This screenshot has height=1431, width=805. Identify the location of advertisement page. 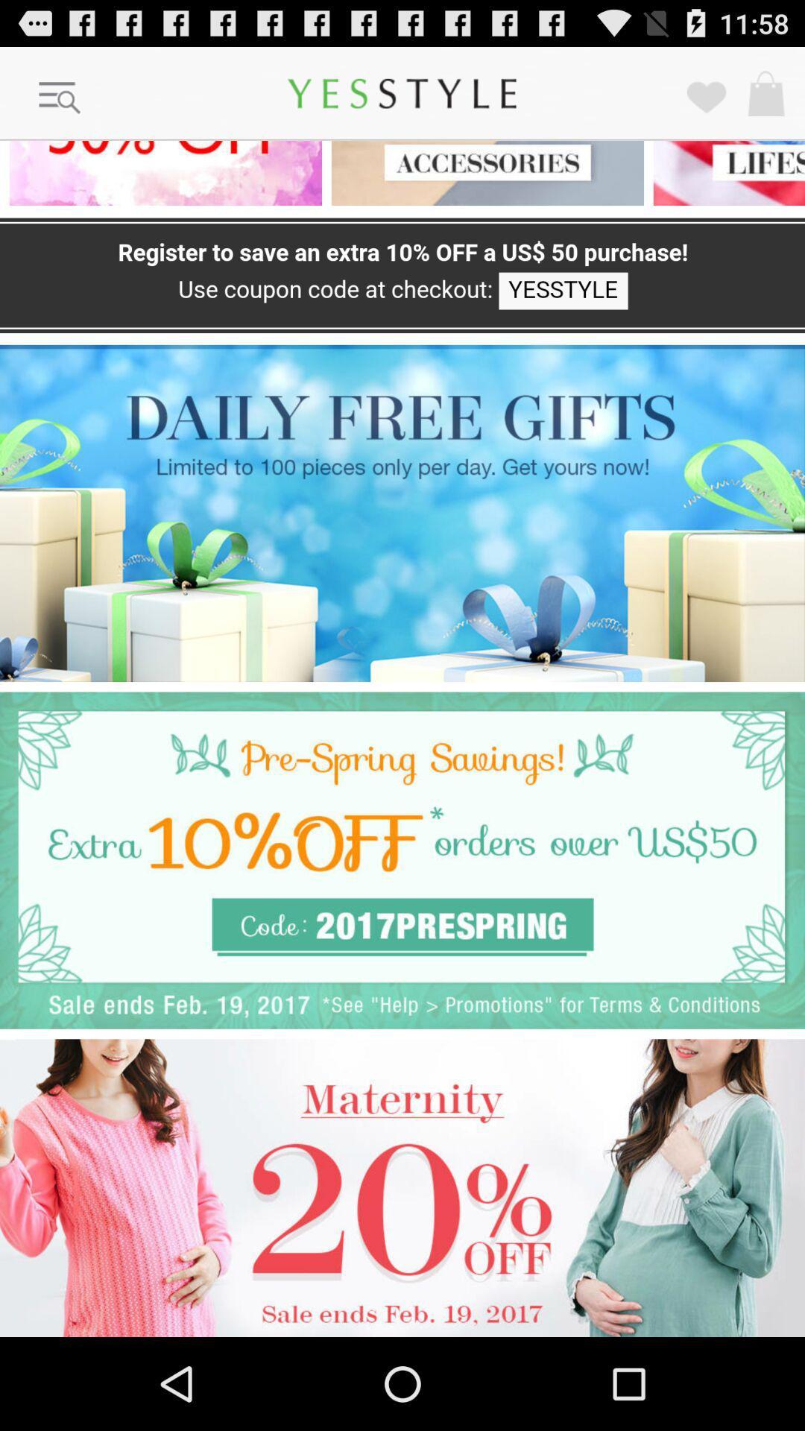
(161, 173).